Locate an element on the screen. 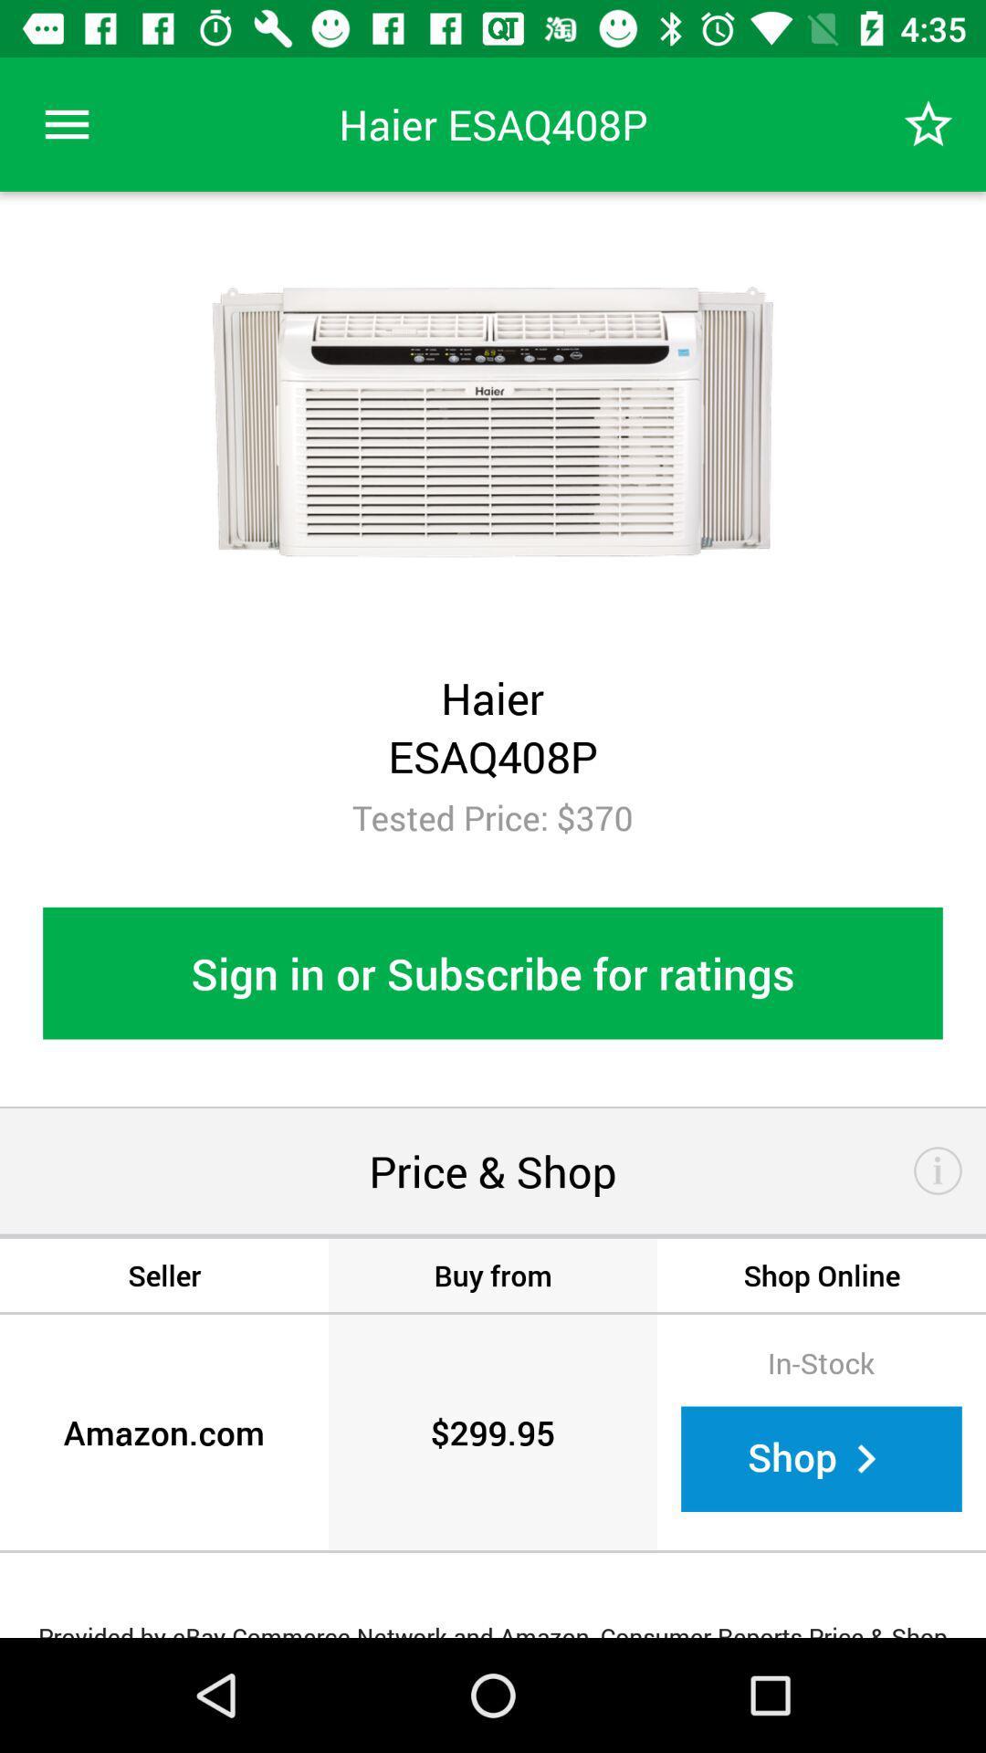 The width and height of the screenshot is (986, 1753). the icon to the right of the haier esaq408p is located at coordinates (928, 123).